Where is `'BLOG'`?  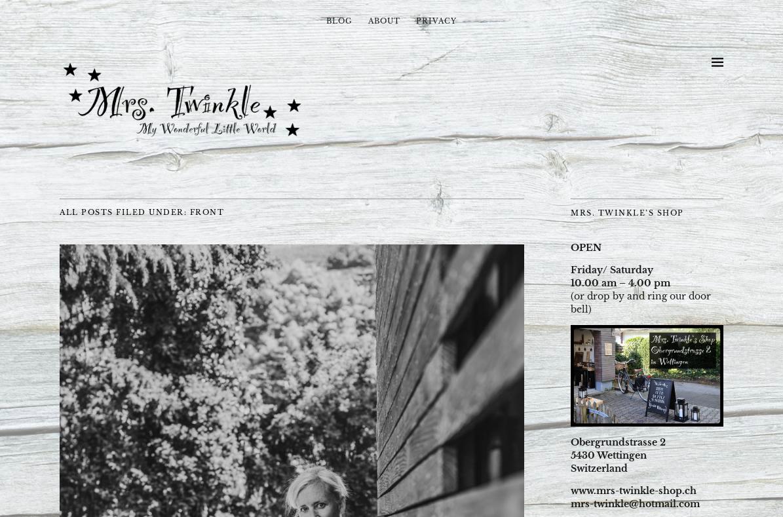
'BLOG' is located at coordinates (339, 20).